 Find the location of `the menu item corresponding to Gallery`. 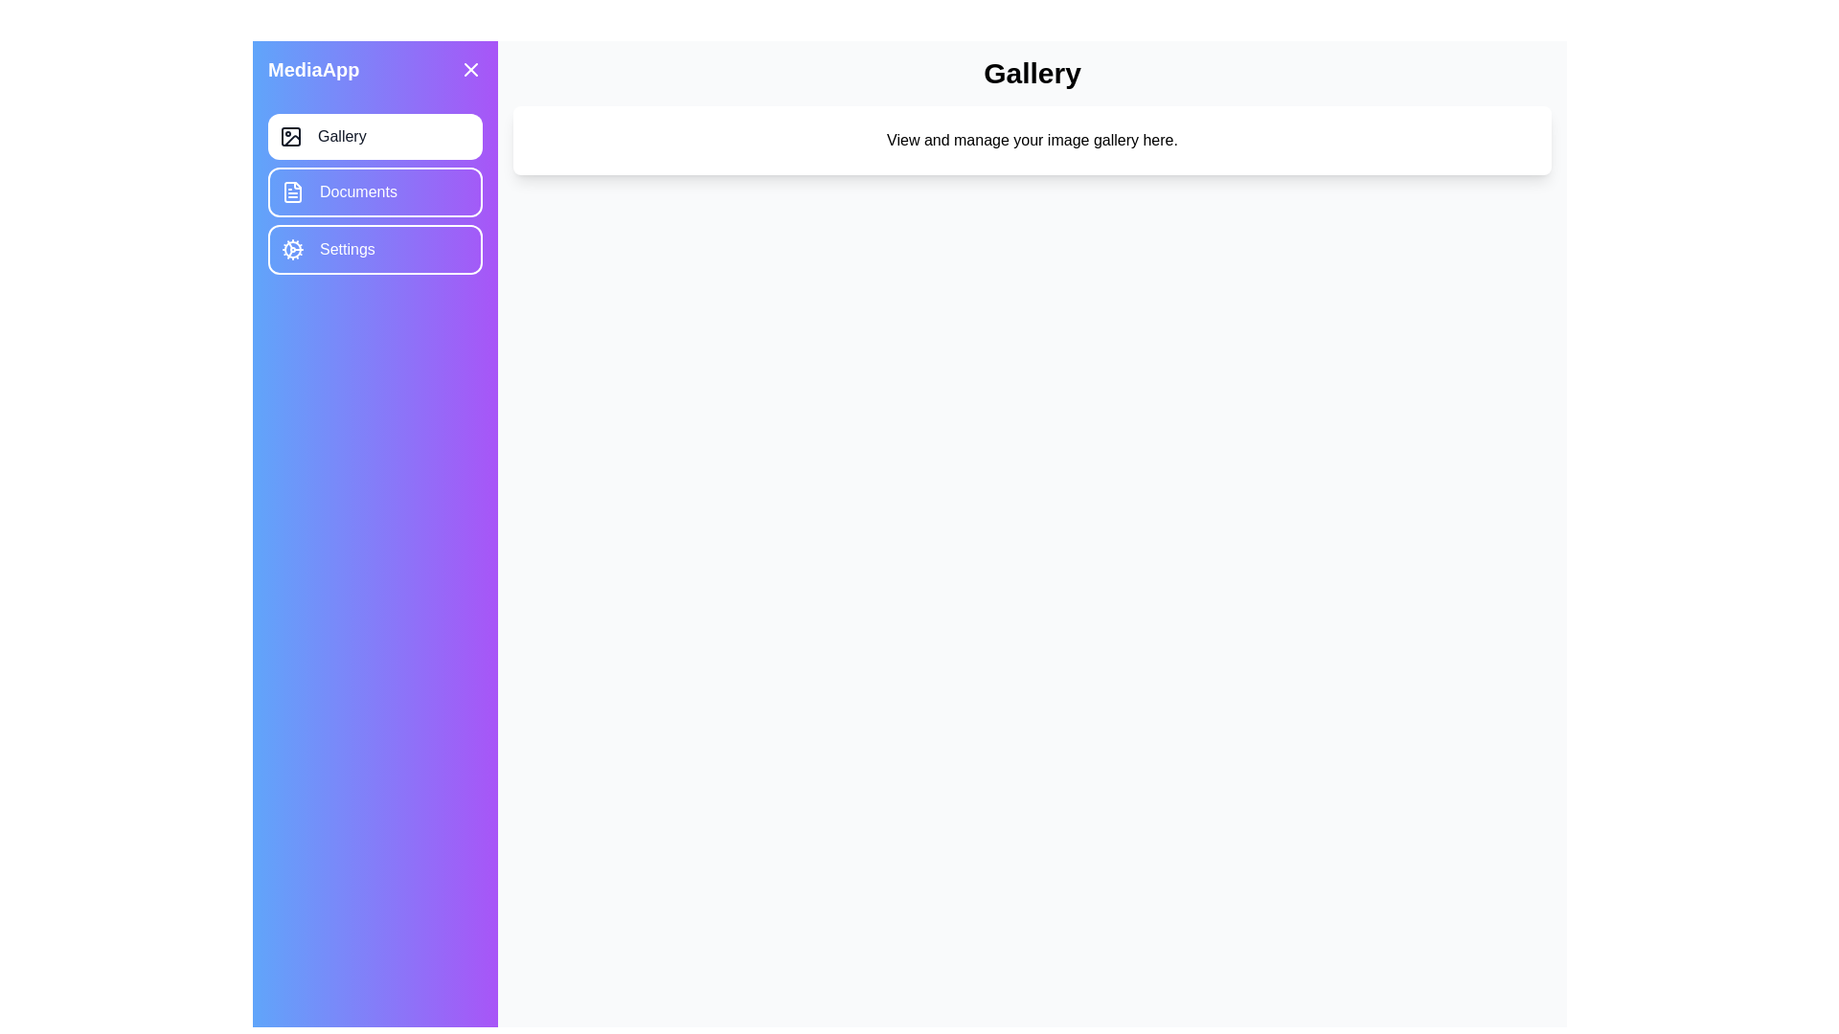

the menu item corresponding to Gallery is located at coordinates (375, 135).